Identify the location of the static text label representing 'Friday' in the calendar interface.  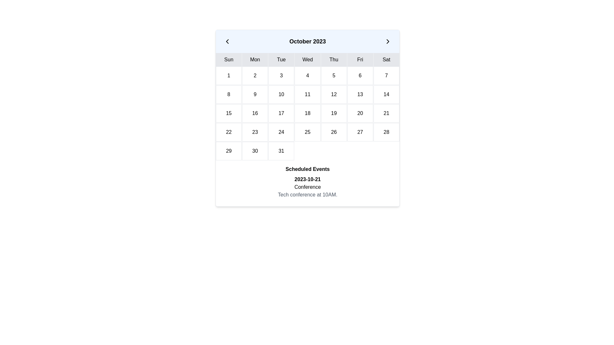
(360, 59).